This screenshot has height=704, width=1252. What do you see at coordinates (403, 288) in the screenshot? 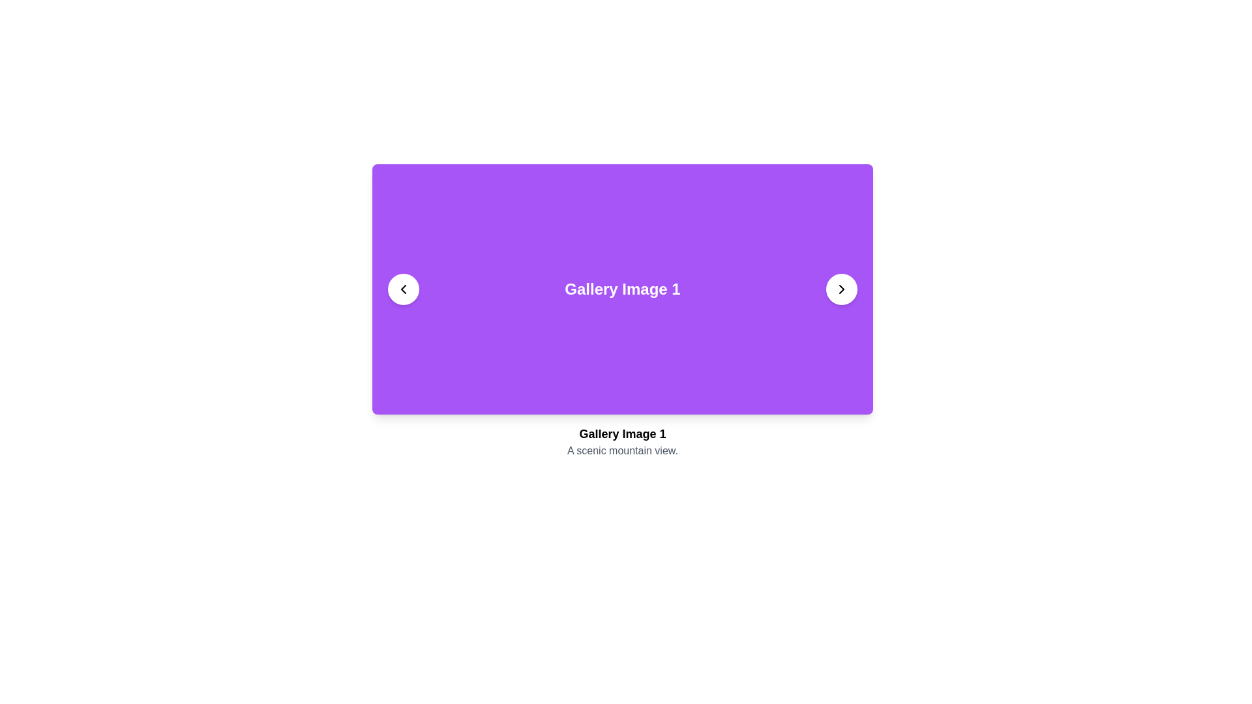
I see `the left-pointing chevron arrow within the circular button` at bounding box center [403, 288].